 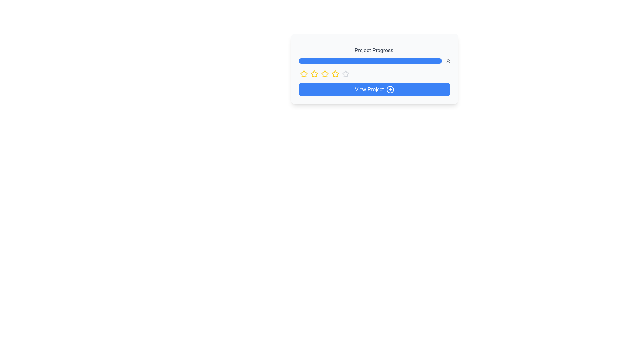 I want to click on the fourth star icon with a yellow outline and white fill, so click(x=335, y=74).